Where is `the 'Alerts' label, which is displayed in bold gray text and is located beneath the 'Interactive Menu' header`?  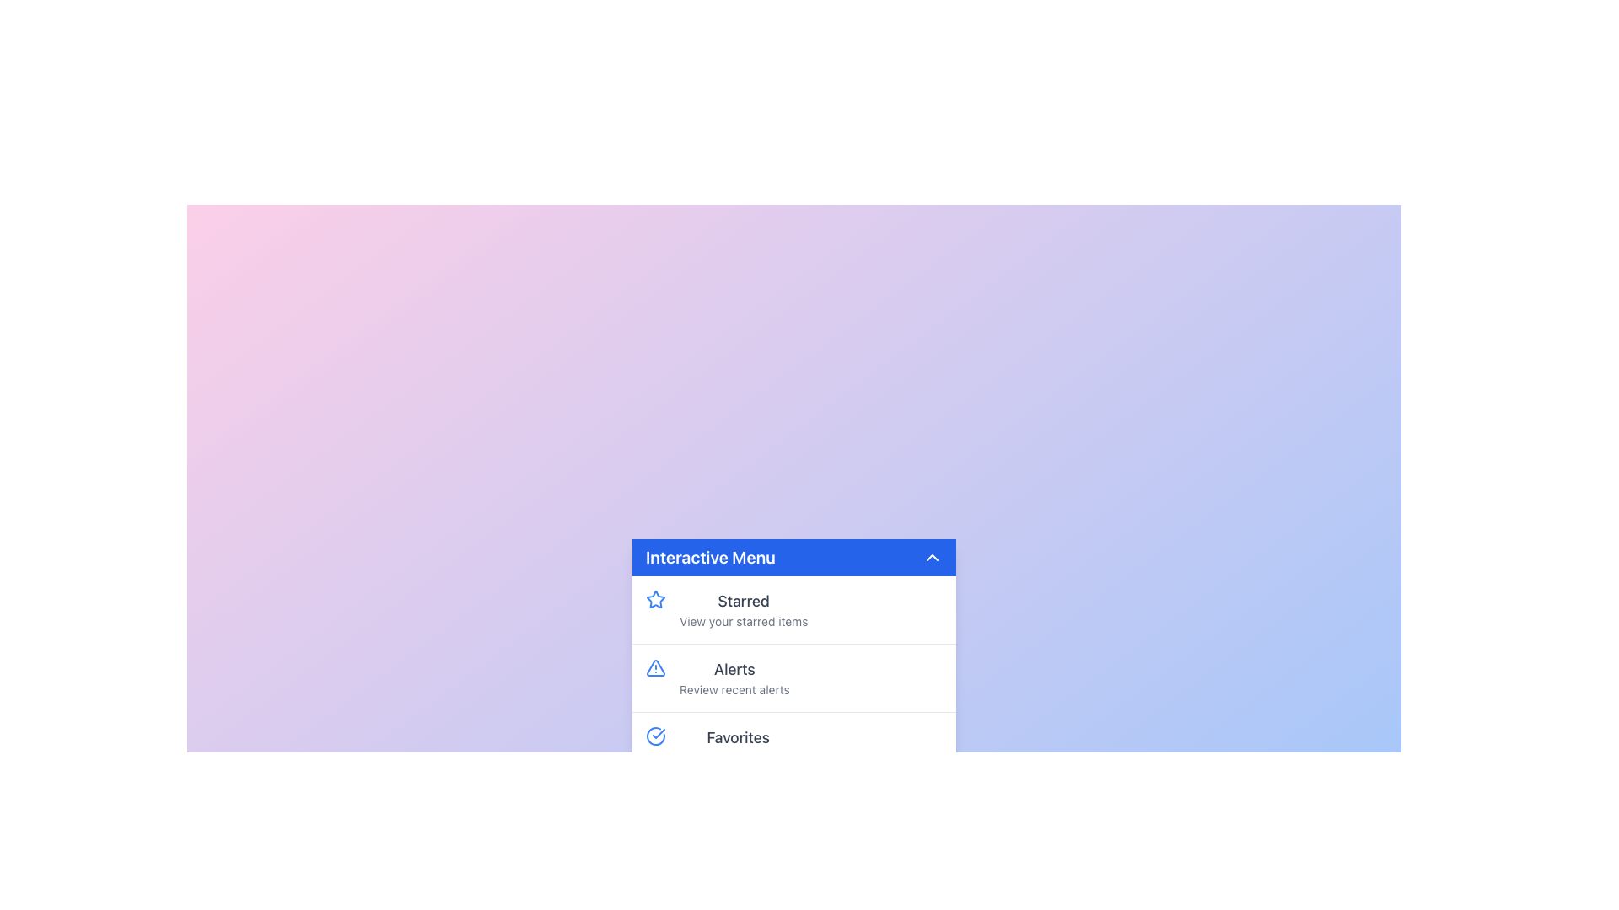
the 'Alerts' label, which is displayed in bold gray text and is located beneath the 'Interactive Menu' header is located at coordinates (734, 668).